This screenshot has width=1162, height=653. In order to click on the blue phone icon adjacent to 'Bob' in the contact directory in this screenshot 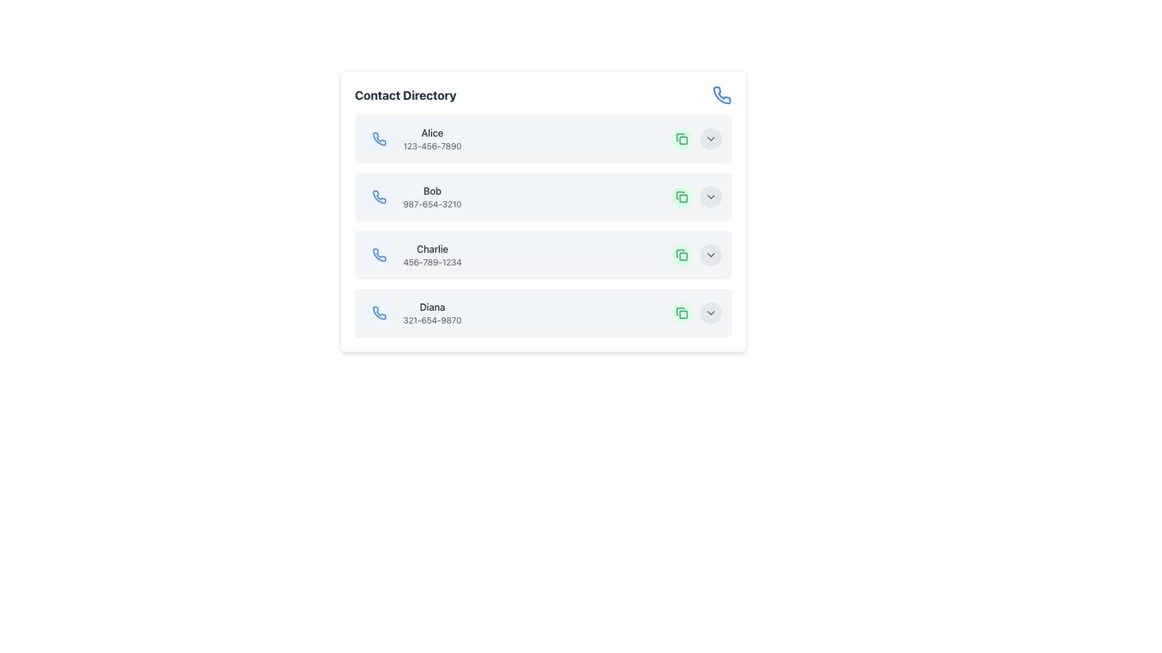, I will do `click(378, 196)`.